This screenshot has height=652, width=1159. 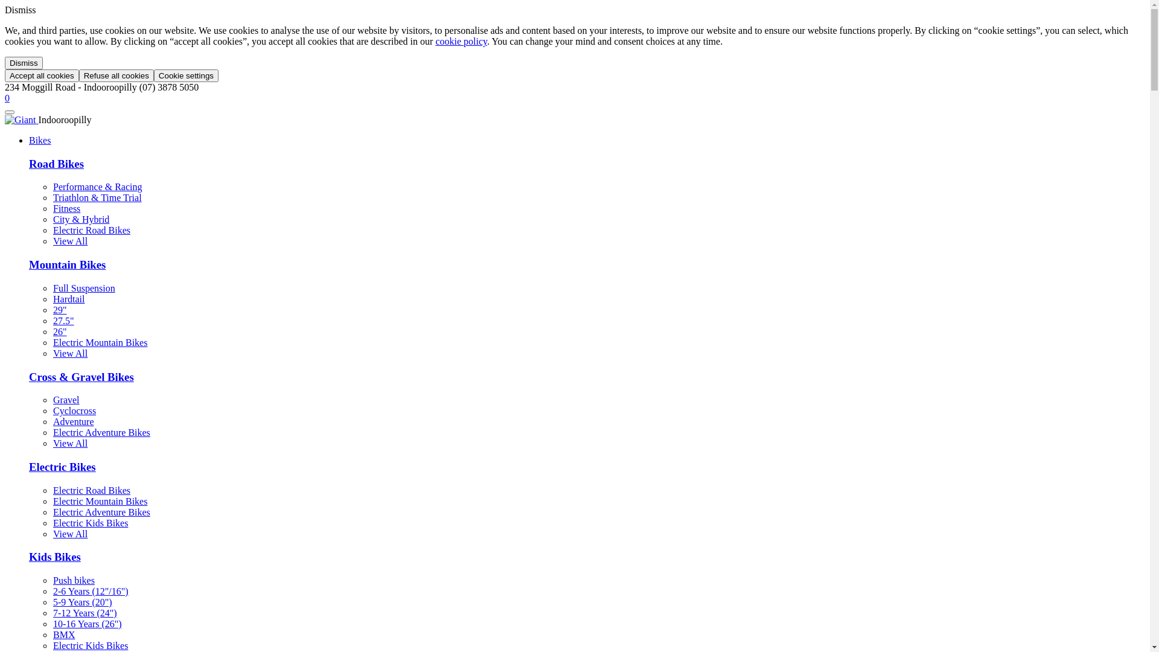 I want to click on '7-12 Years (24")', so click(x=84, y=613).